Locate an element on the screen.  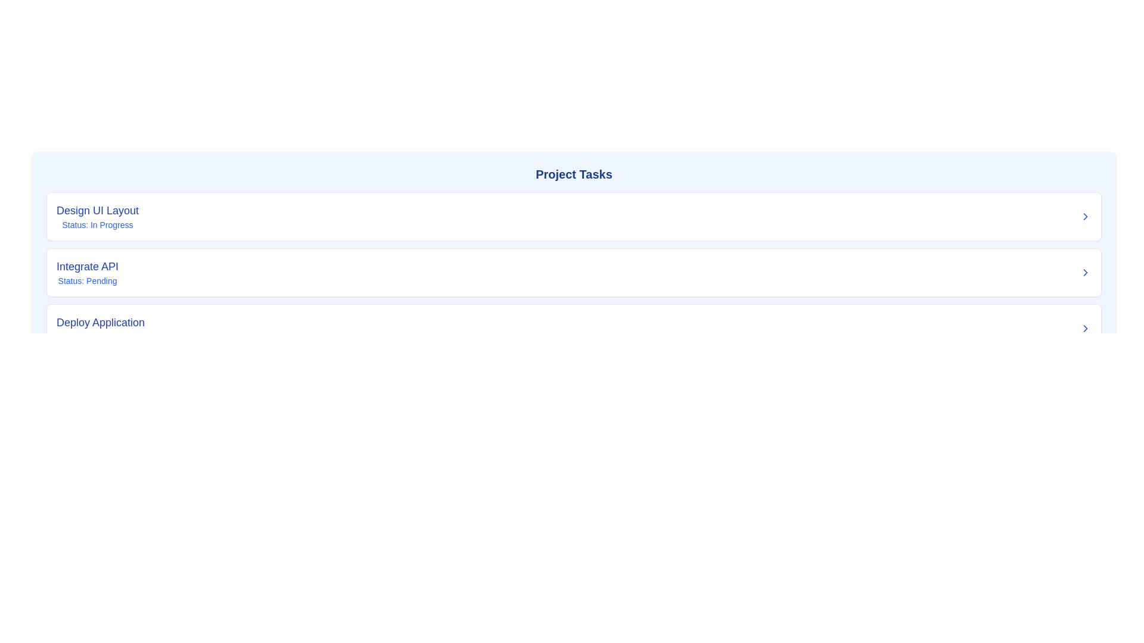
text displayed in the Text display block that shows 'Design UI Layout' and 'Status: In Progress.' is located at coordinates (97, 216).